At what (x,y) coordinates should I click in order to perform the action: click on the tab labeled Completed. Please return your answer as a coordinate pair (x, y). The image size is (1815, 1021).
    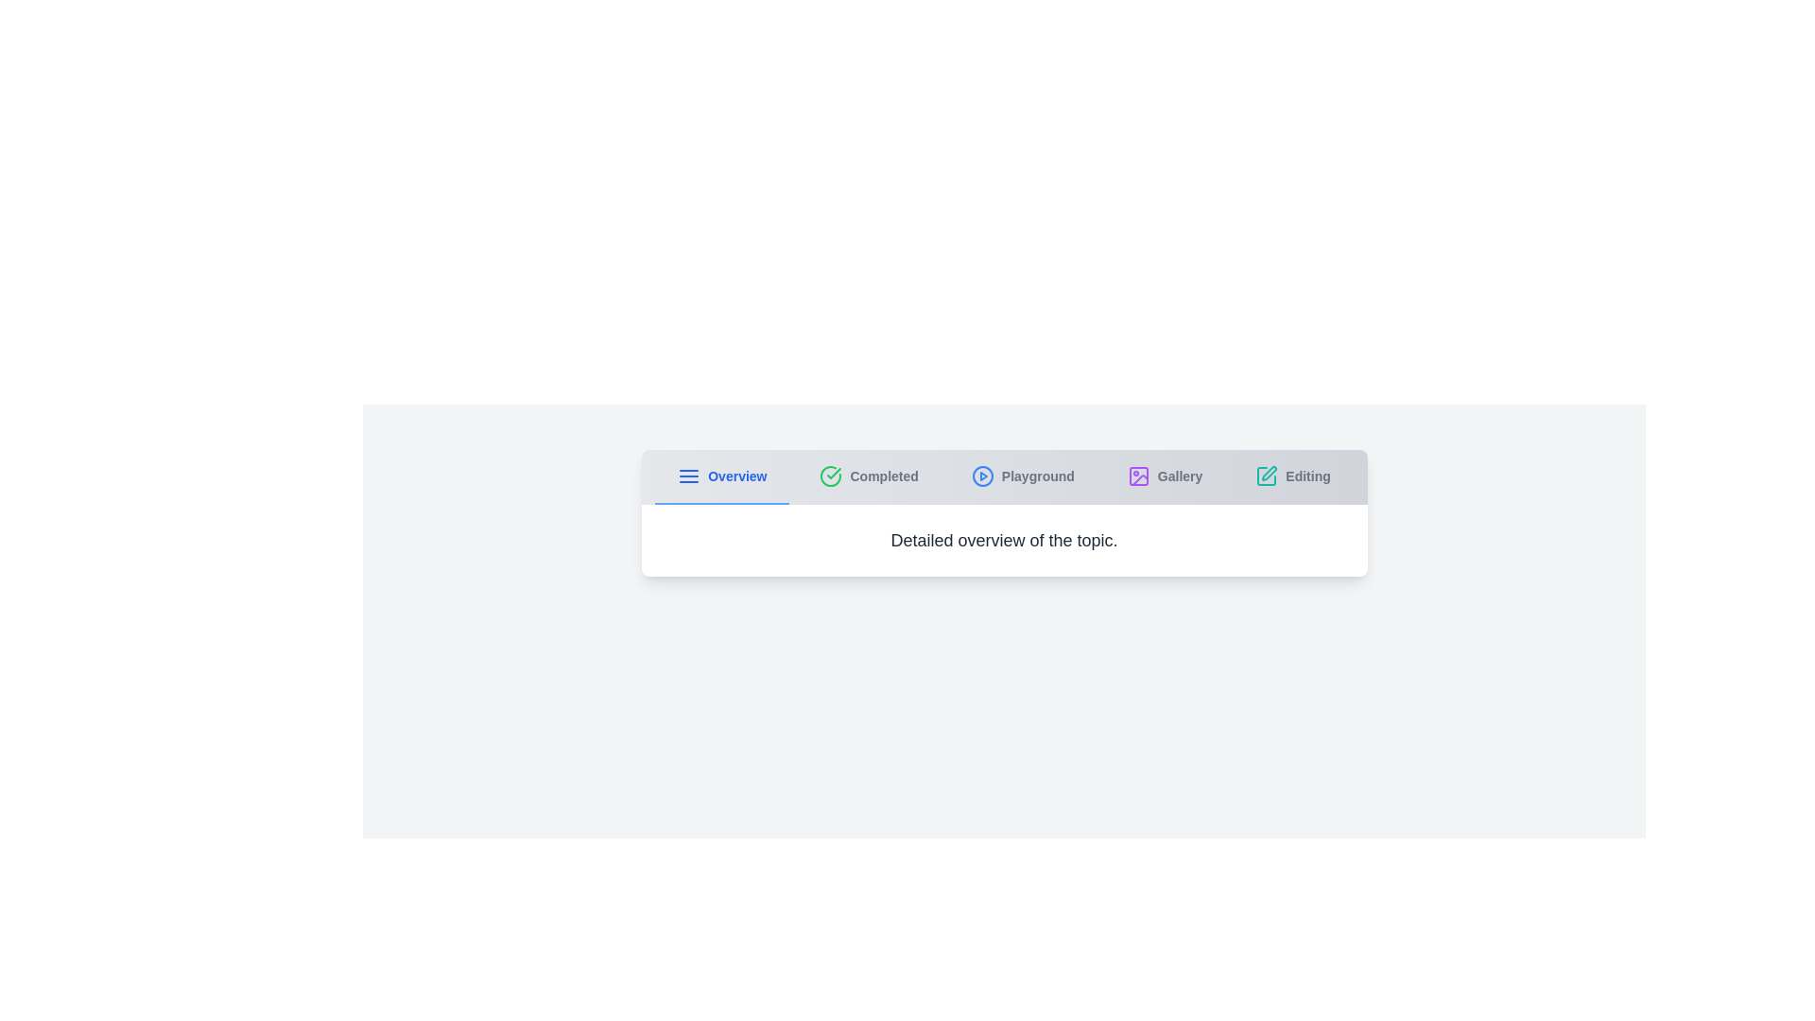
    Looking at the image, I should click on (868, 476).